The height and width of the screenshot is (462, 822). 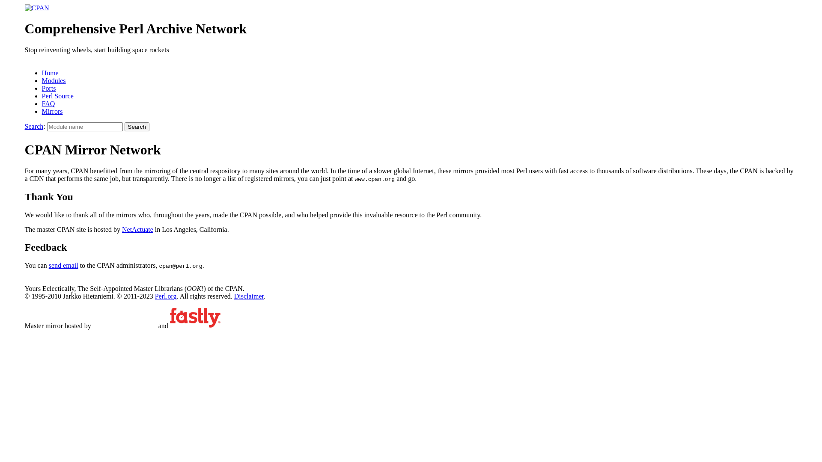 What do you see at coordinates (34, 126) in the screenshot?
I see `'Search'` at bounding box center [34, 126].